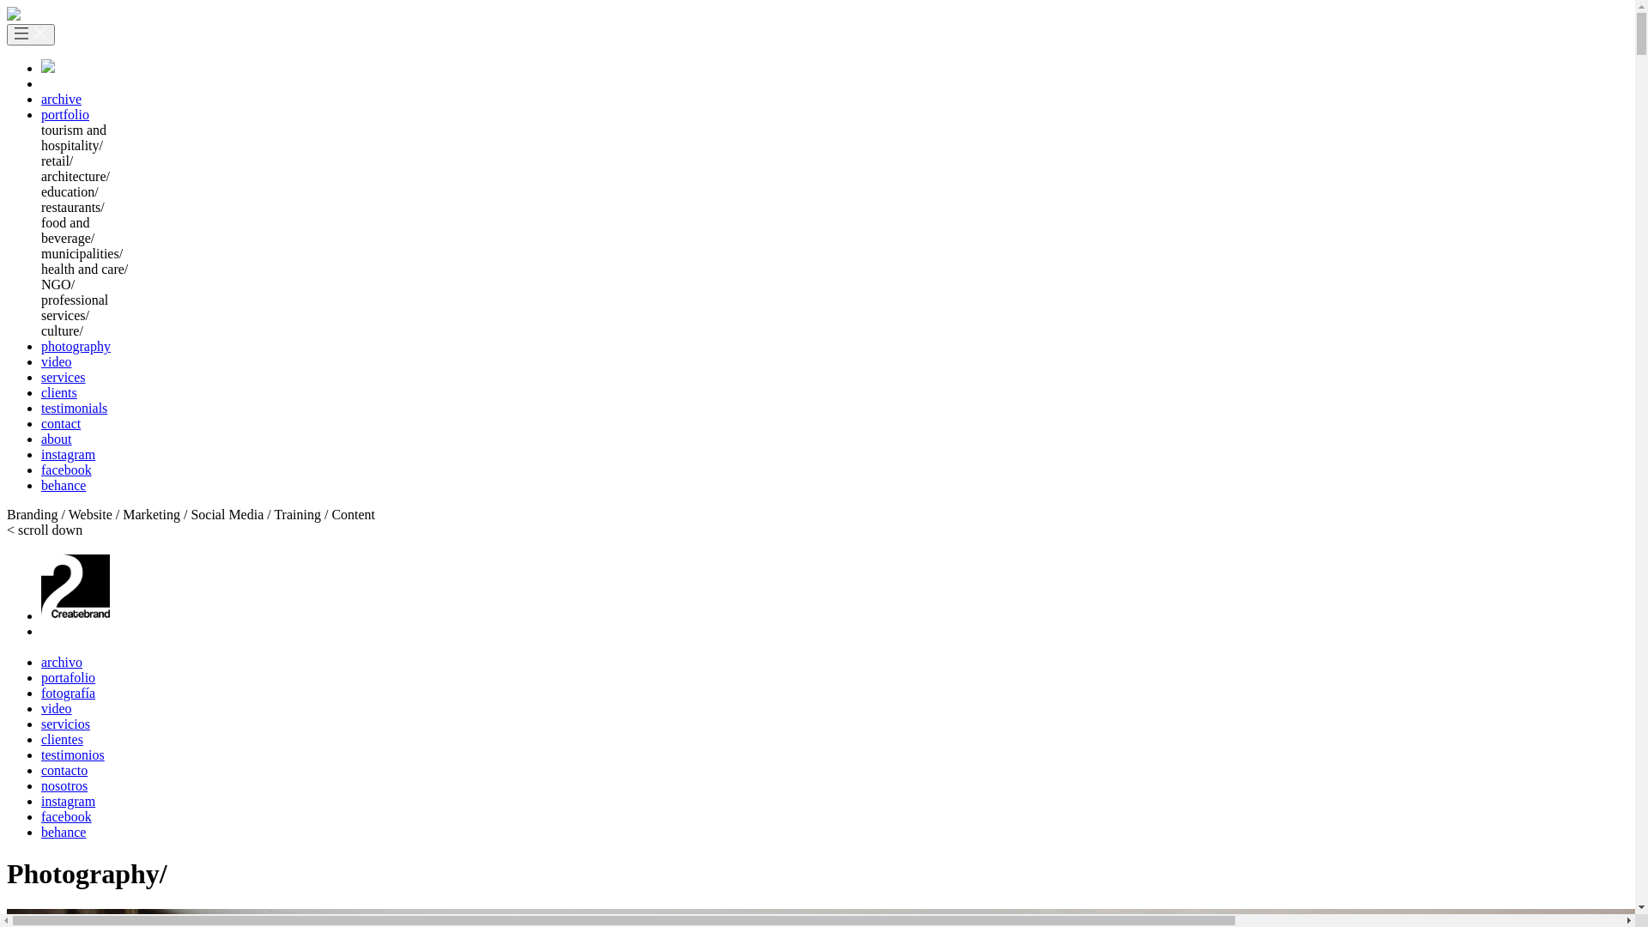 This screenshot has width=1648, height=927. I want to click on 'behance', so click(63, 831).